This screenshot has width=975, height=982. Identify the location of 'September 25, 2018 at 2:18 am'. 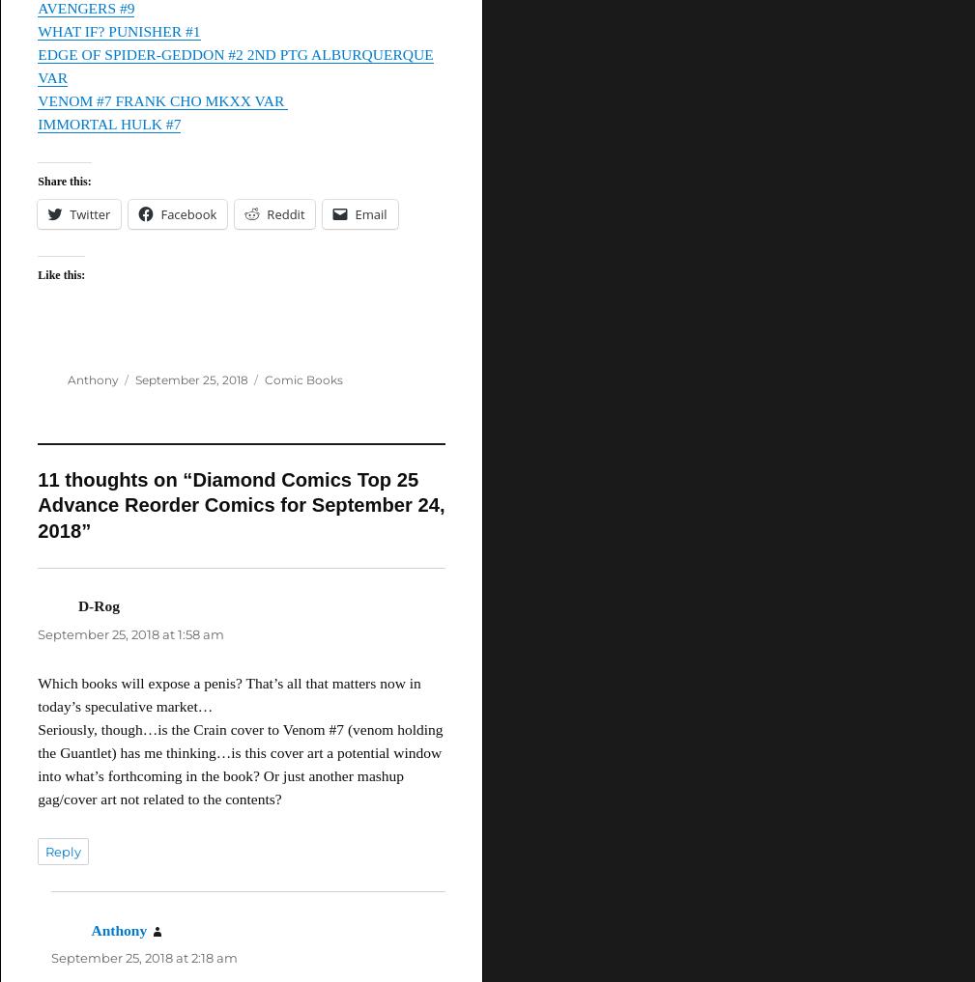
(48, 957).